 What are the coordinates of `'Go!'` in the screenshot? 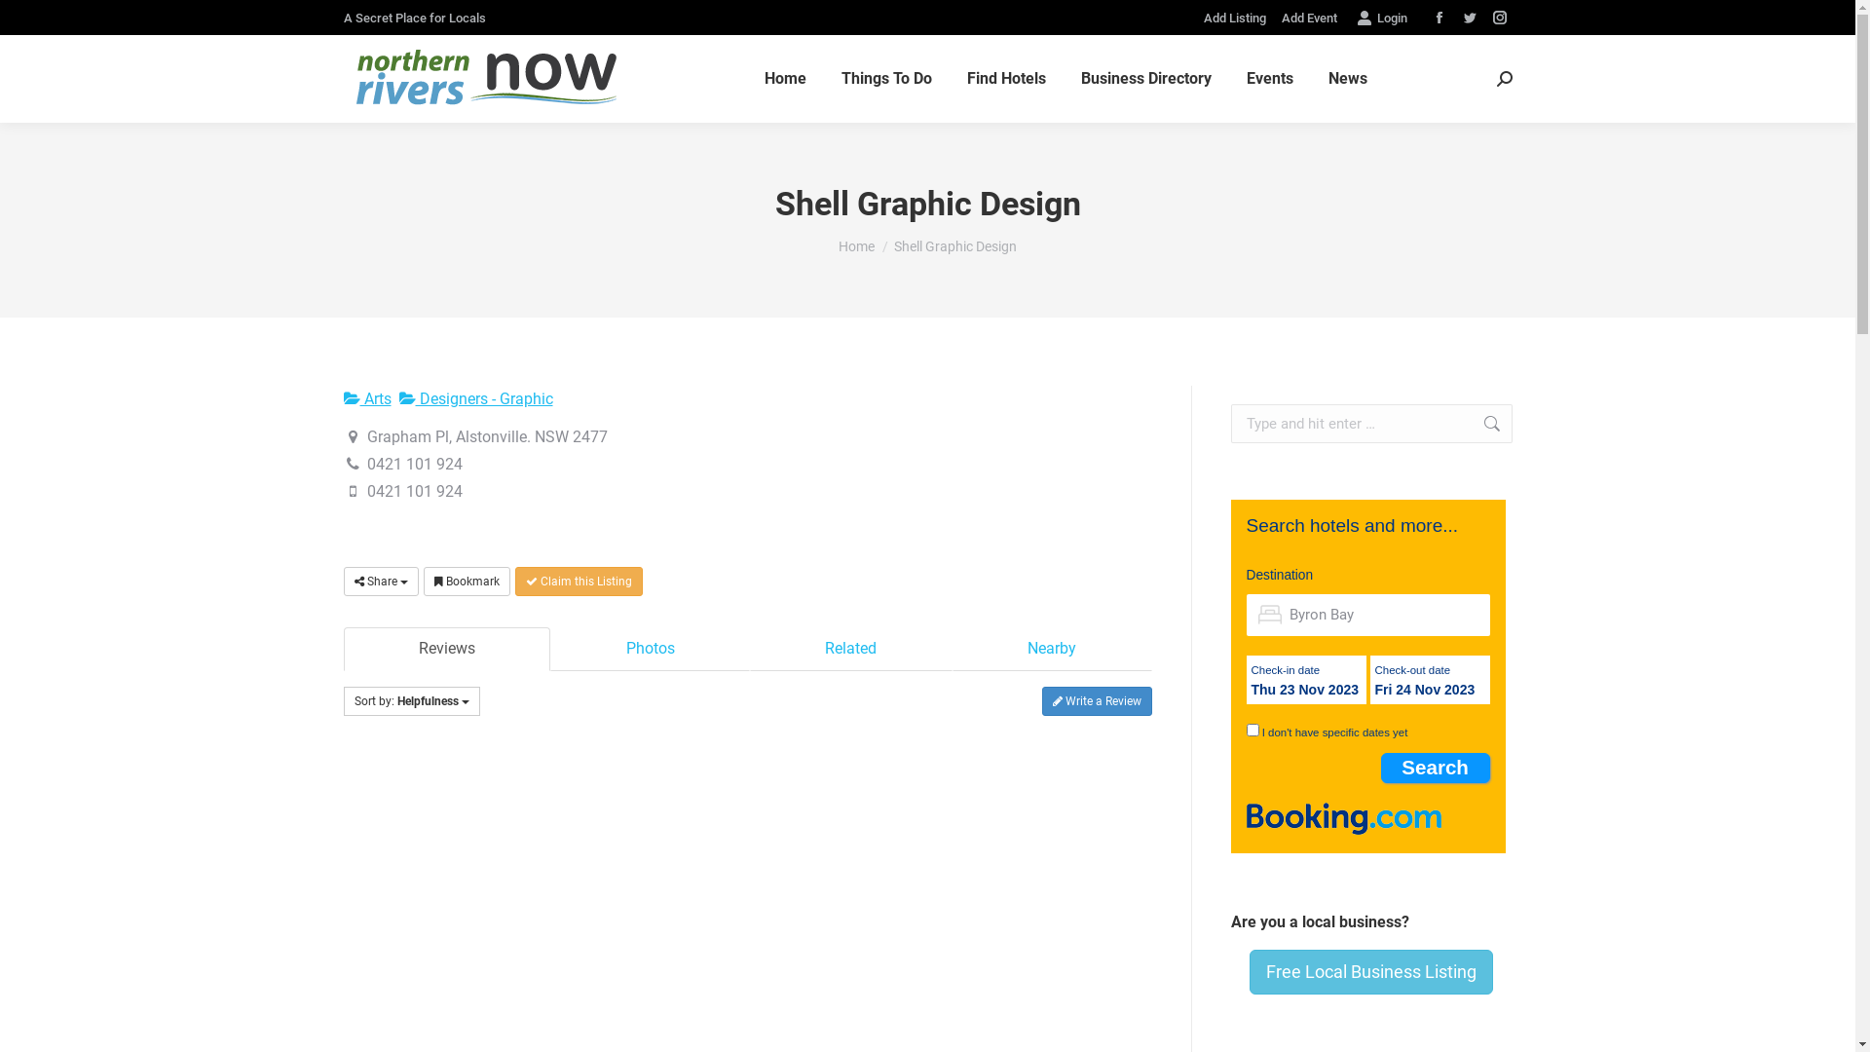 It's located at (1463, 423).